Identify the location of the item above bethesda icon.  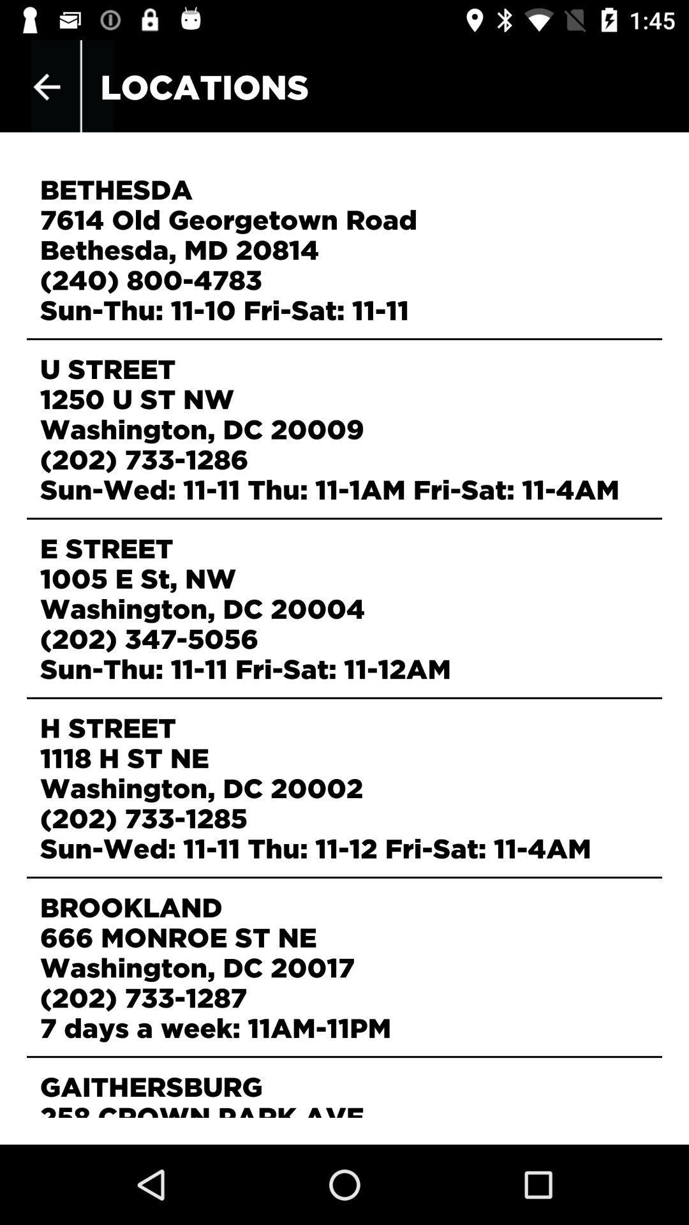
(46, 86).